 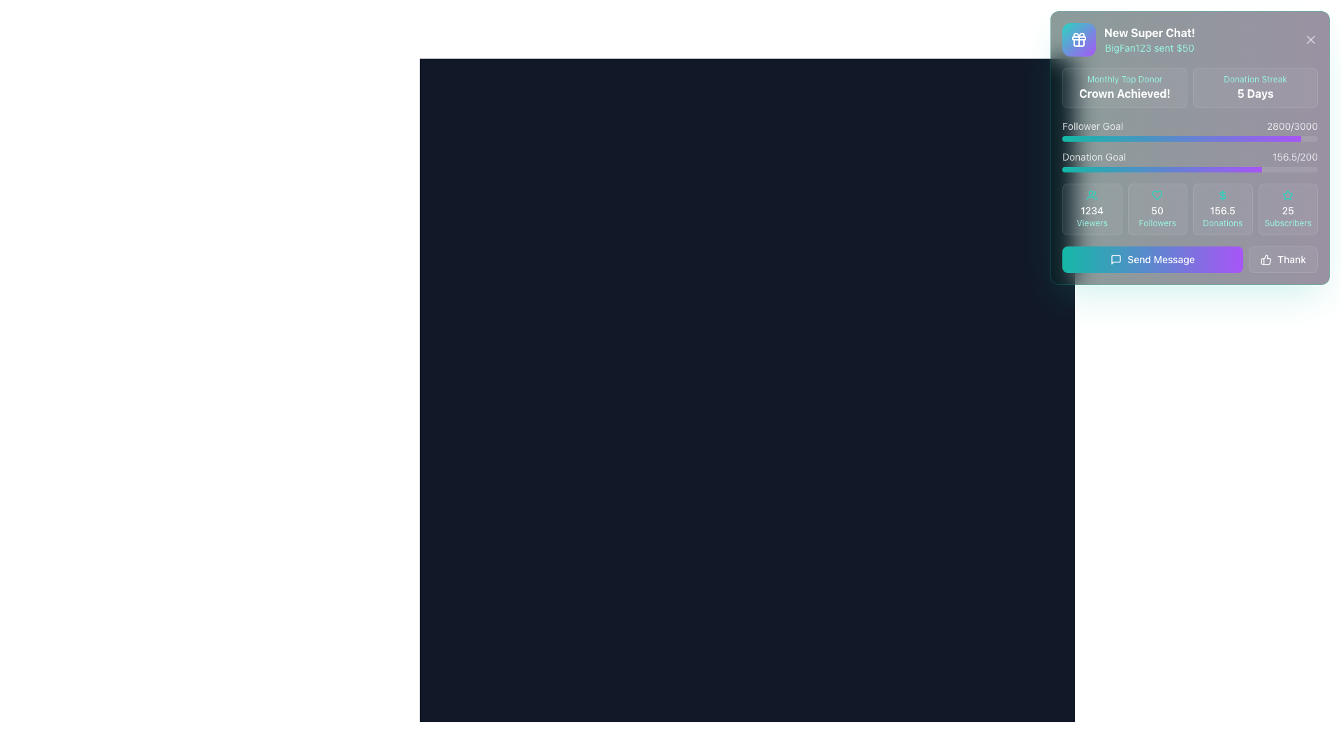 I want to click on the Informational card displaying the number '1234' and the word 'Viewers', which is the first card in a grid layout, so click(x=1091, y=209).